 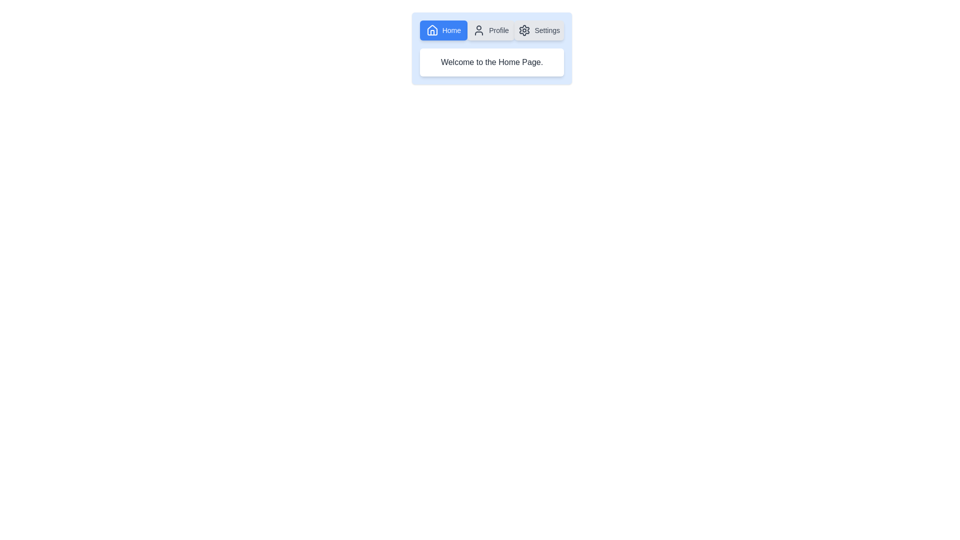 What do you see at coordinates (478, 30) in the screenshot?
I see `the Profile icon located at the leftmost position within the Profile button in the top menu bar, which is positioned between the Home and Settings buttons` at bounding box center [478, 30].